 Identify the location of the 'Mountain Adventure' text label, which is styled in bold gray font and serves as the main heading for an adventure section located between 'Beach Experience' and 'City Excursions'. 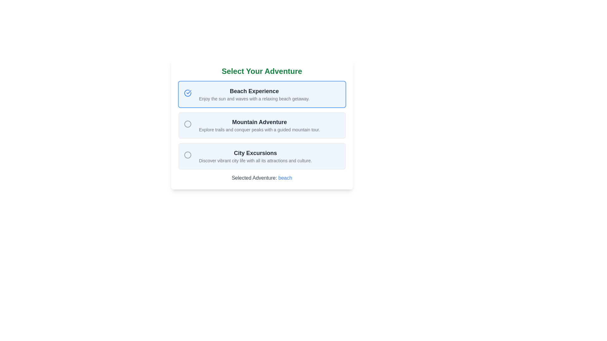
(259, 122).